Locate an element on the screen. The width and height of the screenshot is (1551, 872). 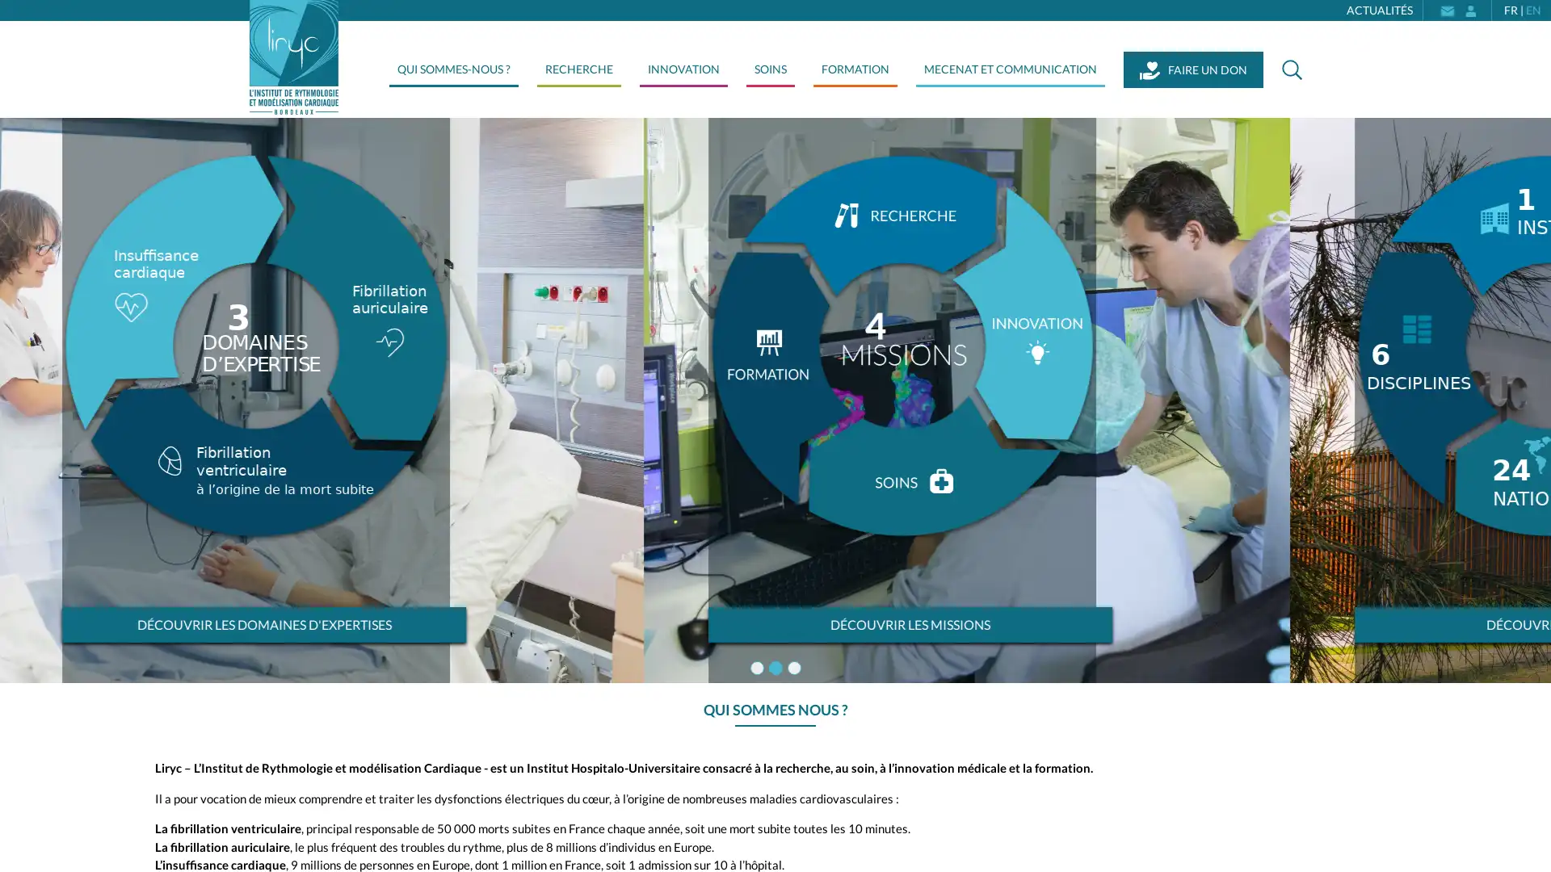
Next is located at coordinates (23, 693).